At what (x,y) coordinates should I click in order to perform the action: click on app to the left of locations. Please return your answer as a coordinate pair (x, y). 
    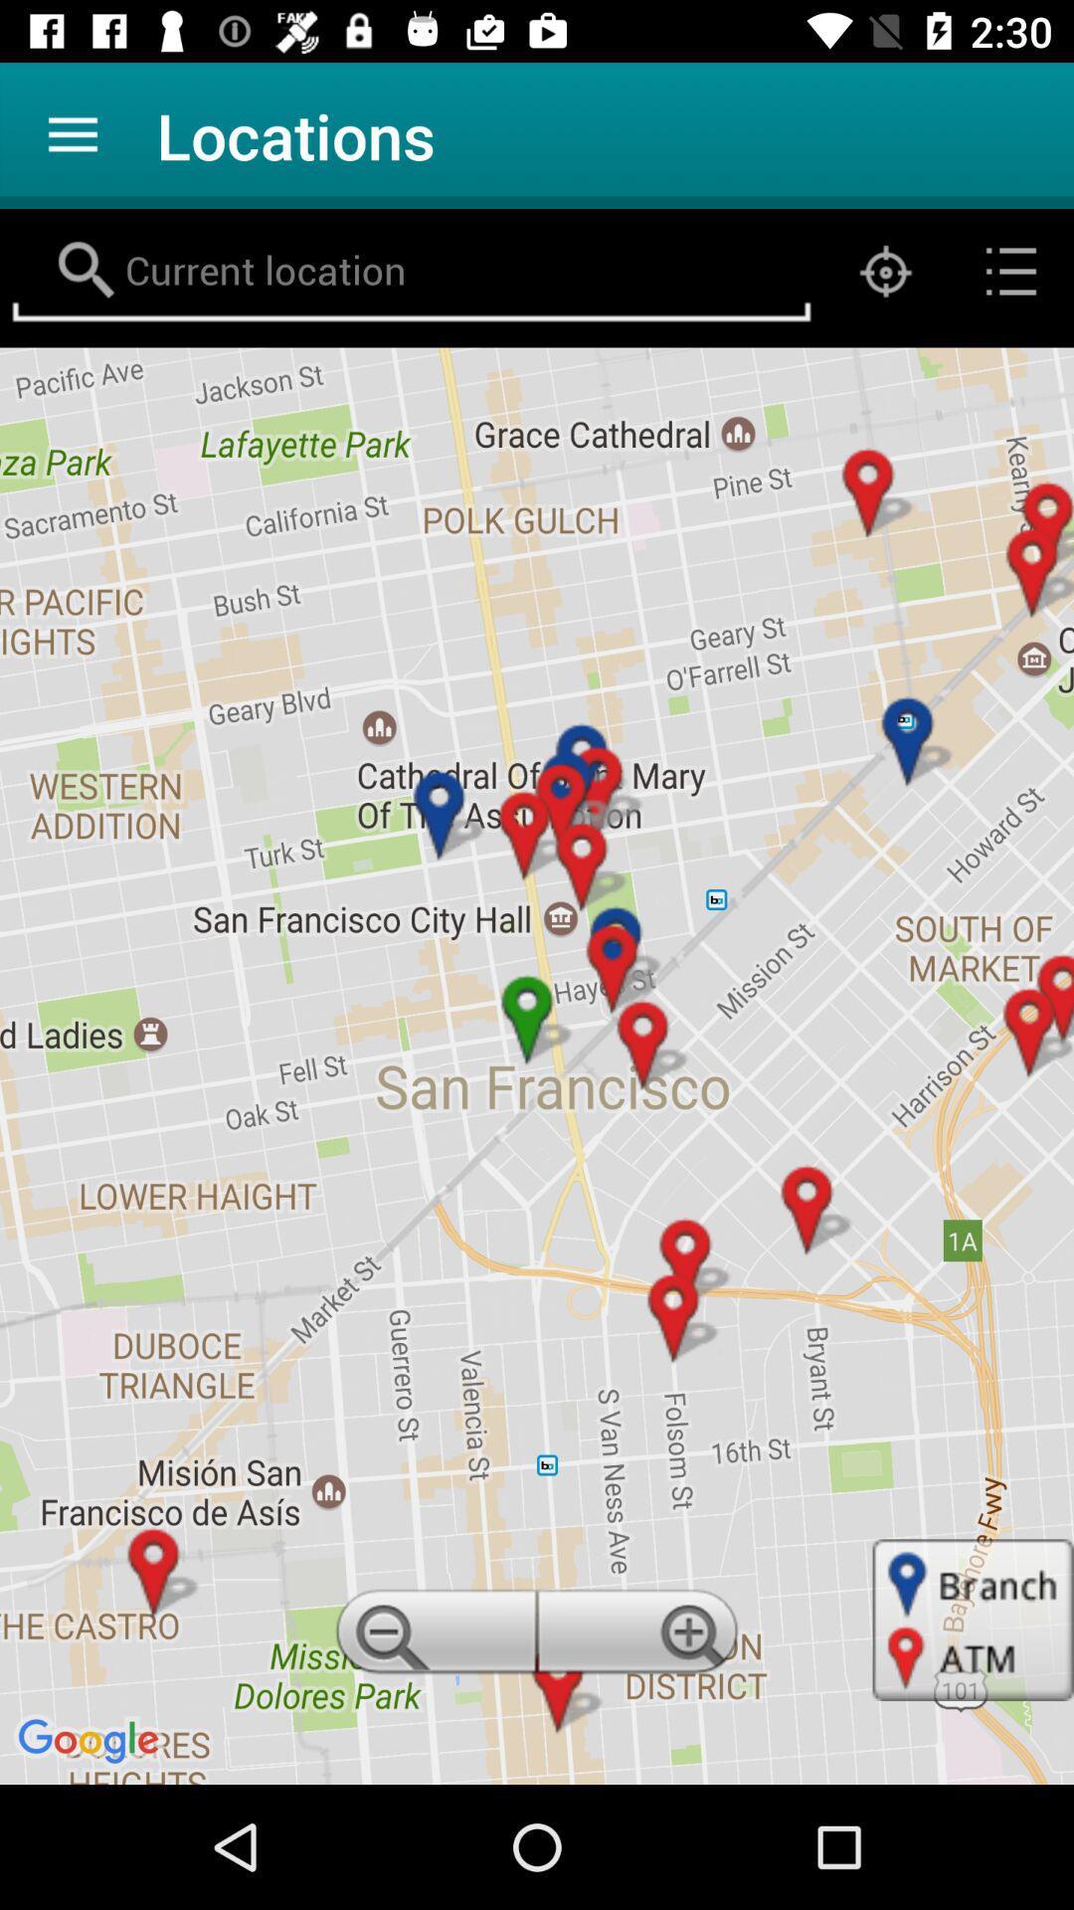
    Looking at the image, I should click on (72, 134).